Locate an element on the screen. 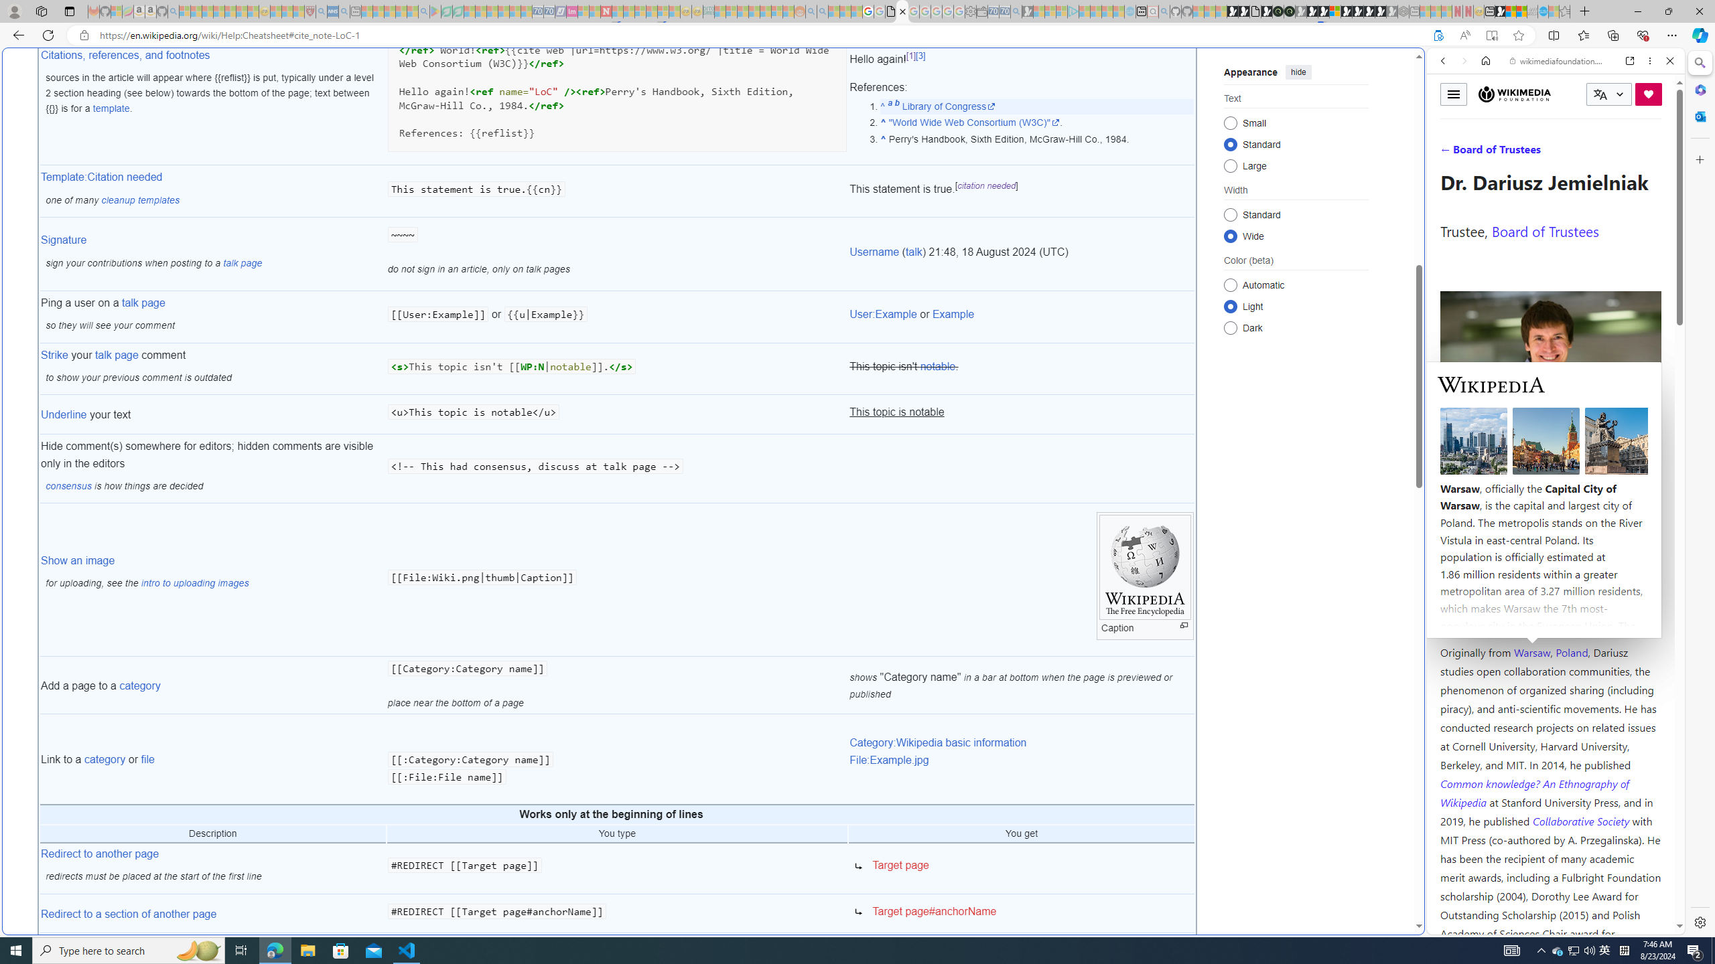 Image resolution: width=1715 pixels, height=964 pixels. 'Help:Cheatsheet - Wikipedia' is located at coordinates (902, 11).